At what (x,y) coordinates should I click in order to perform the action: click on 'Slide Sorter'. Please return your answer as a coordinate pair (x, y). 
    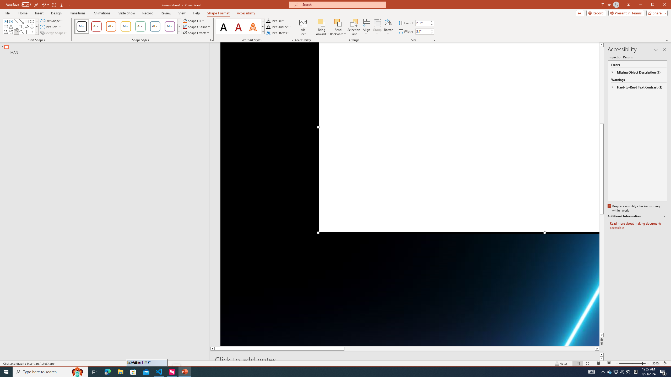
    Looking at the image, I should click on (588, 363).